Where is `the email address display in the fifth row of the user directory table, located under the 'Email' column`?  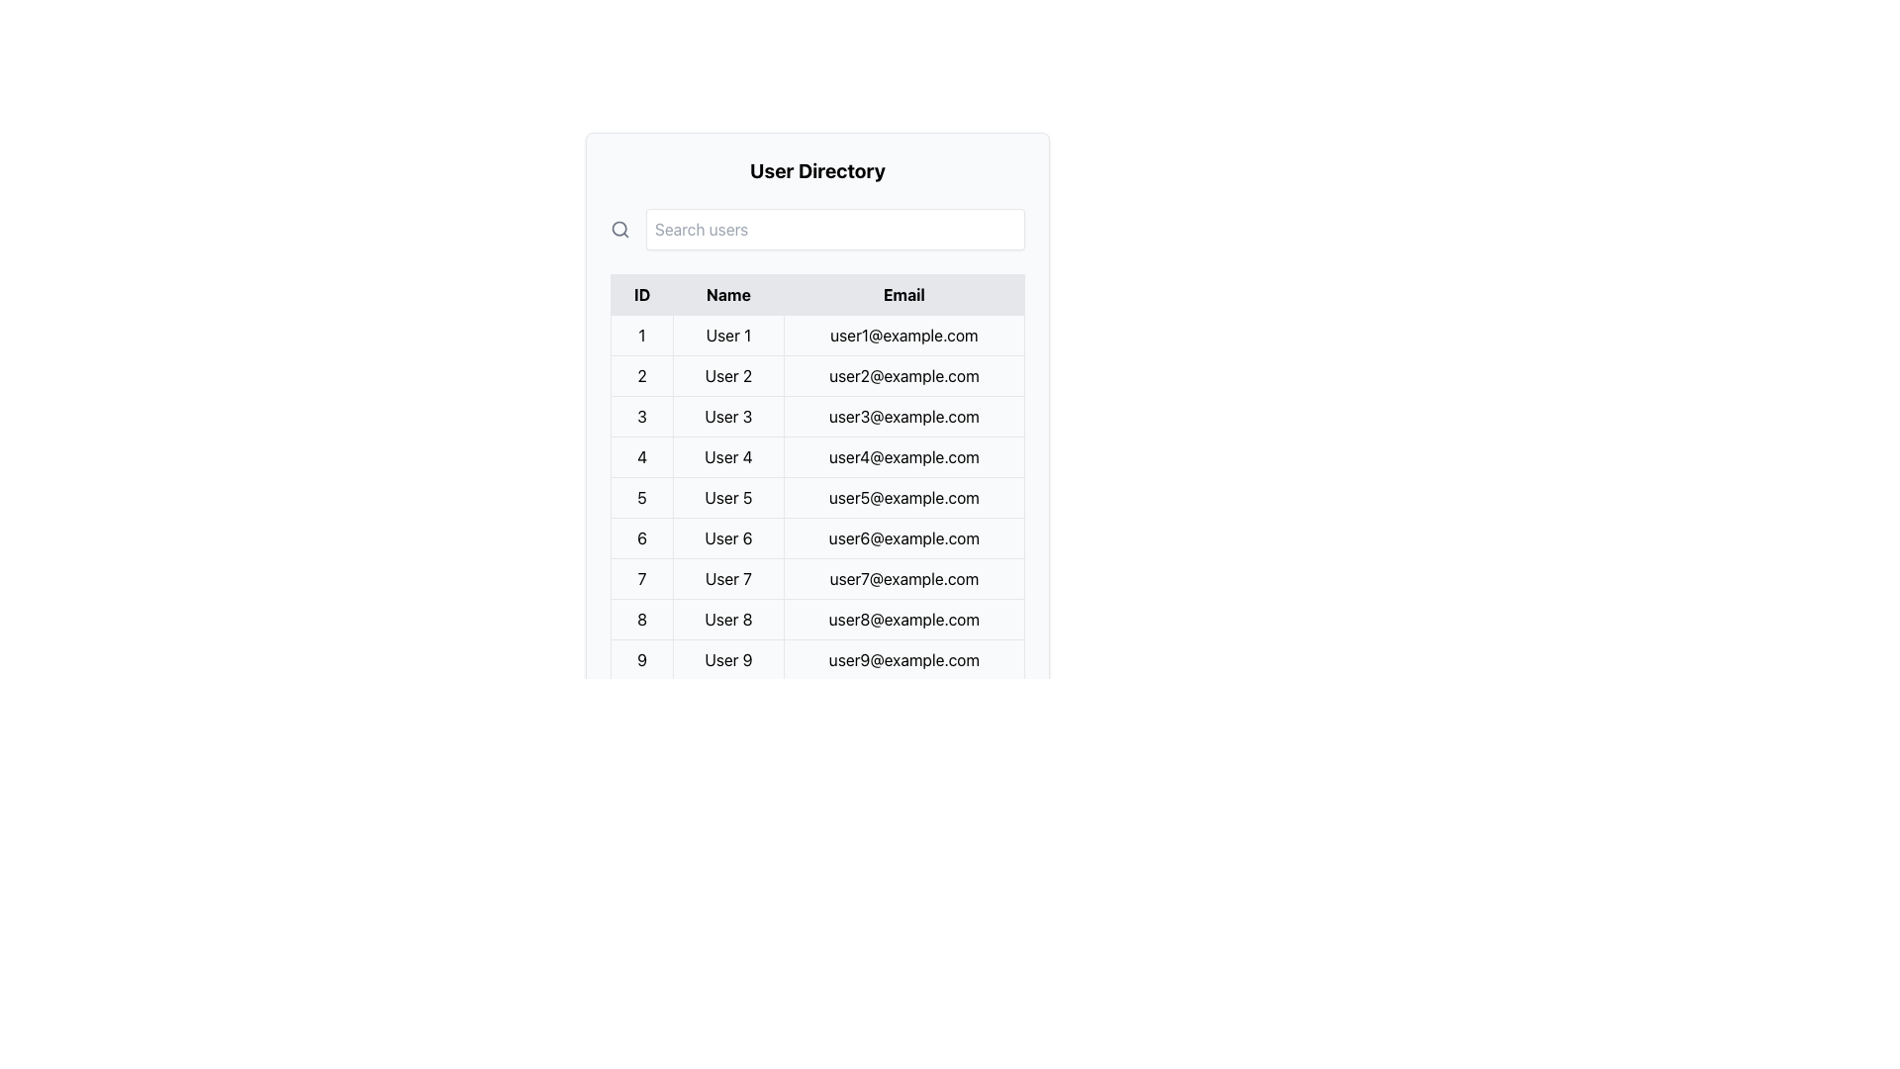 the email address display in the fifth row of the user directory table, located under the 'Email' column is located at coordinates (902, 496).